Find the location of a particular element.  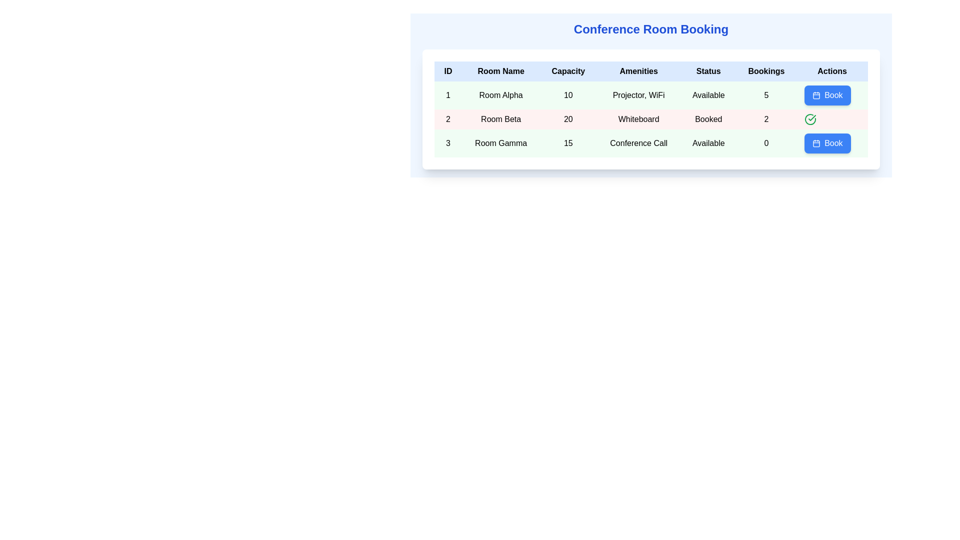

the static text label displaying 'Available' in bold font, which is the fifth item in the third row of the table labeled 'Room Gamma', under the 'Status' column is located at coordinates (708, 143).